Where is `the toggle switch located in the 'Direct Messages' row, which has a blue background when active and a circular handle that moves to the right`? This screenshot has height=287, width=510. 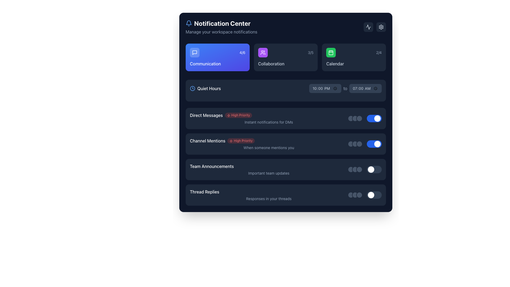
the toggle switch located in the 'Direct Messages' row, which has a blue background when active and a circular handle that moves to the right is located at coordinates (374, 118).